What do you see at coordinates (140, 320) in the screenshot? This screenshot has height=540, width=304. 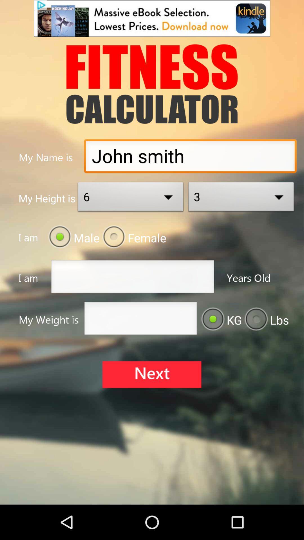 I see `input field` at bounding box center [140, 320].